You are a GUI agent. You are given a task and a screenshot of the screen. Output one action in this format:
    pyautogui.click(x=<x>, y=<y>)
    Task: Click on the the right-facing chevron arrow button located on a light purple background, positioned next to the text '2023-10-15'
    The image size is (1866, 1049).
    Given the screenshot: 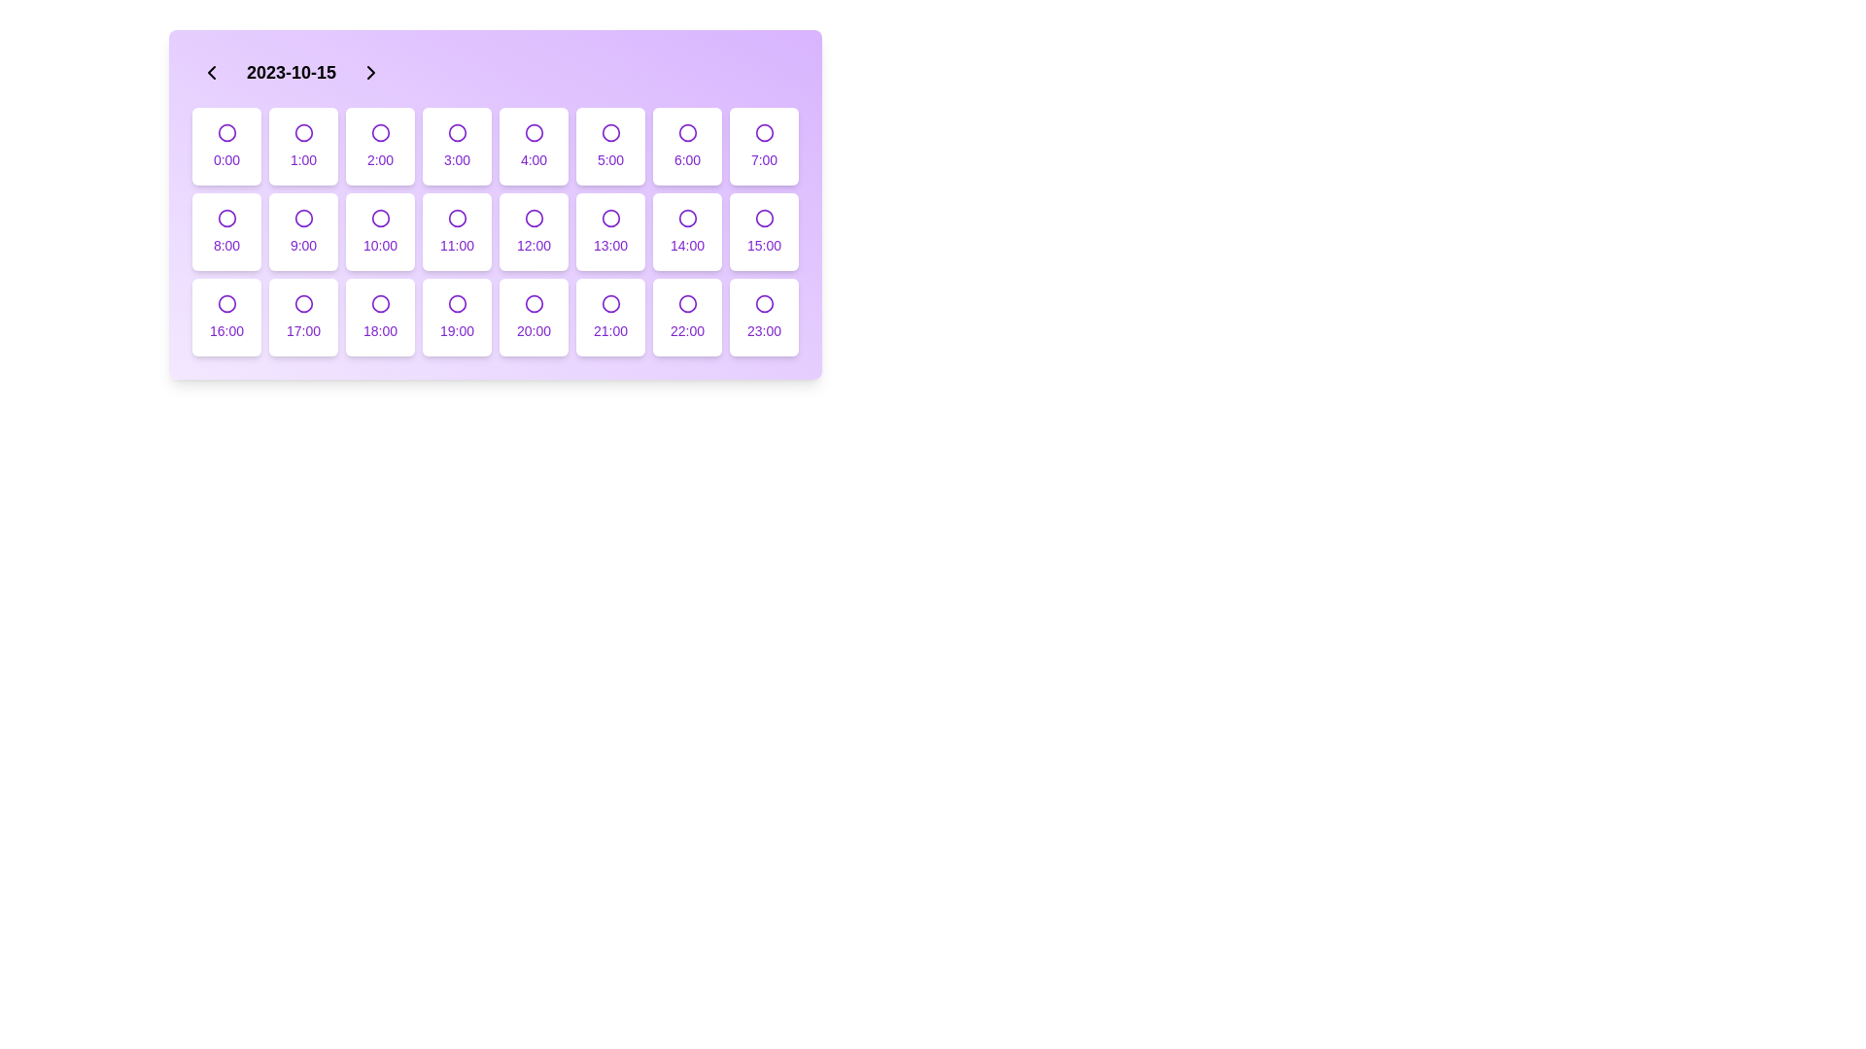 What is the action you would take?
    pyautogui.click(x=371, y=71)
    